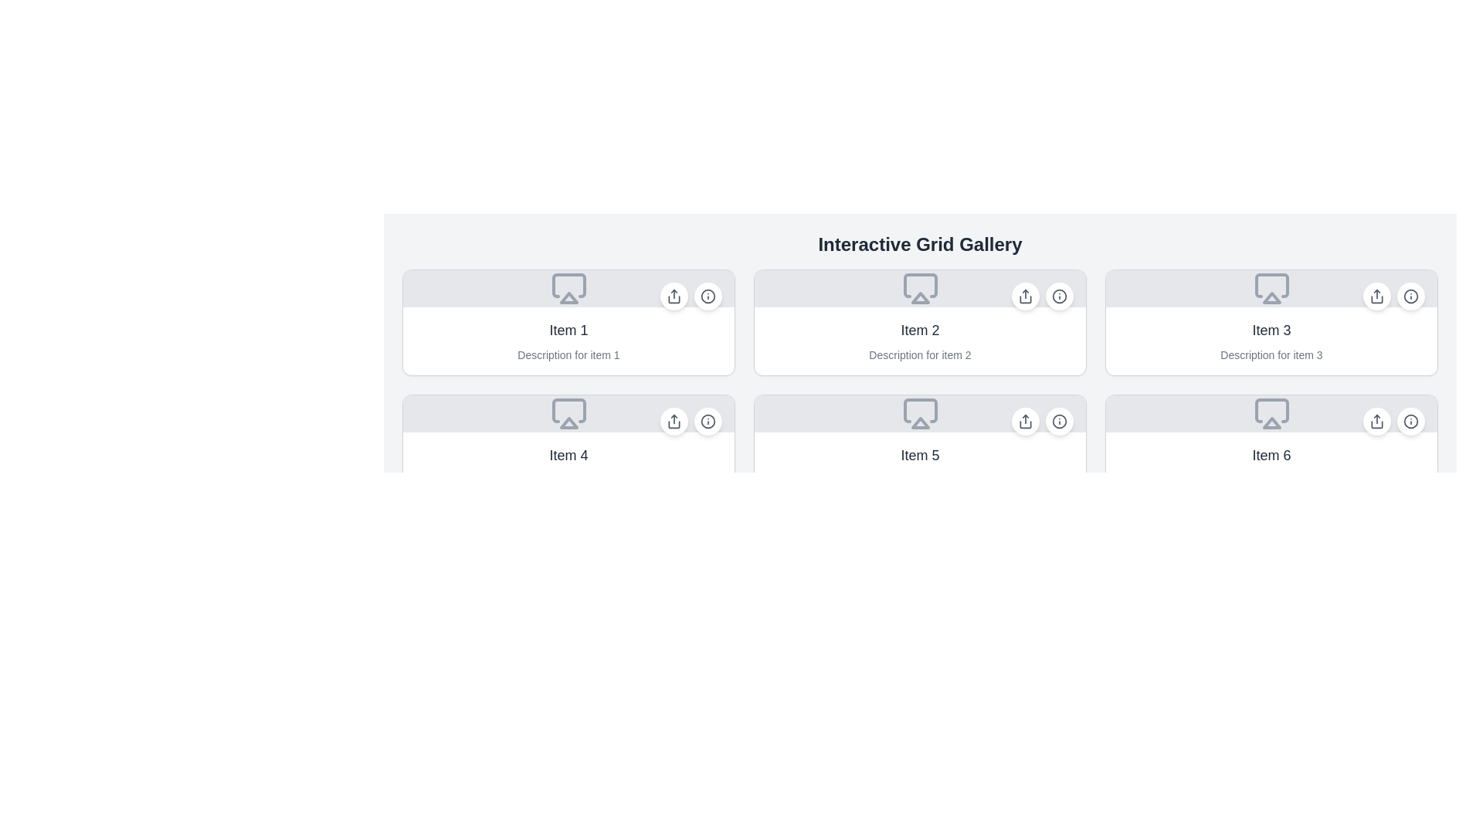  Describe the element at coordinates (568, 410) in the screenshot. I see `the media display icon located directly below 'Item 4' in the second row of the grid layout` at that location.